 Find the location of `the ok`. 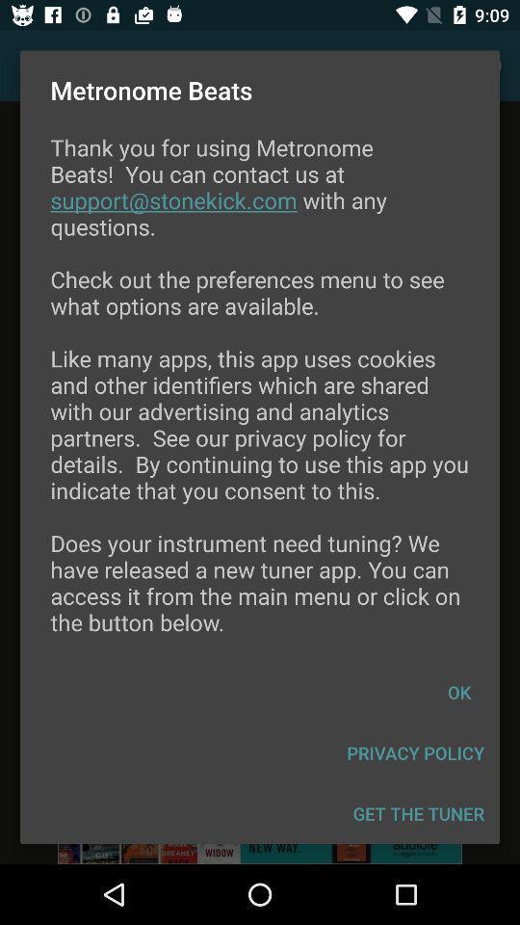

the ok is located at coordinates (457, 692).